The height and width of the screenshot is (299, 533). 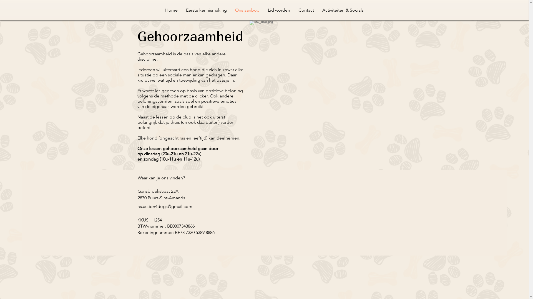 What do you see at coordinates (279, 10) in the screenshot?
I see `'Lid worden'` at bounding box center [279, 10].